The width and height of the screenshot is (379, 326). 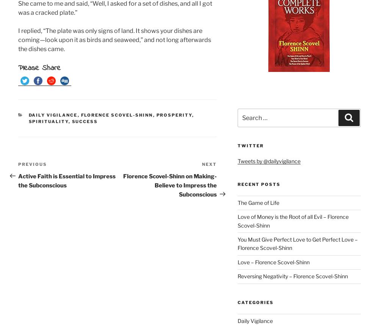 I want to click on 'You Must Give Perfect Love to Get Perfect Love – Florence Scovel-Shinn', so click(x=297, y=243).